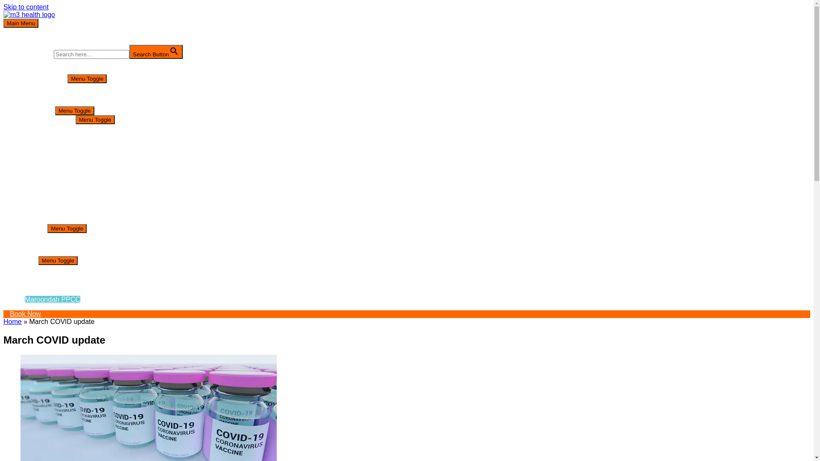 This screenshot has width=820, height=461. What do you see at coordinates (56, 119) in the screenshot?
I see `'GP Services'` at bounding box center [56, 119].